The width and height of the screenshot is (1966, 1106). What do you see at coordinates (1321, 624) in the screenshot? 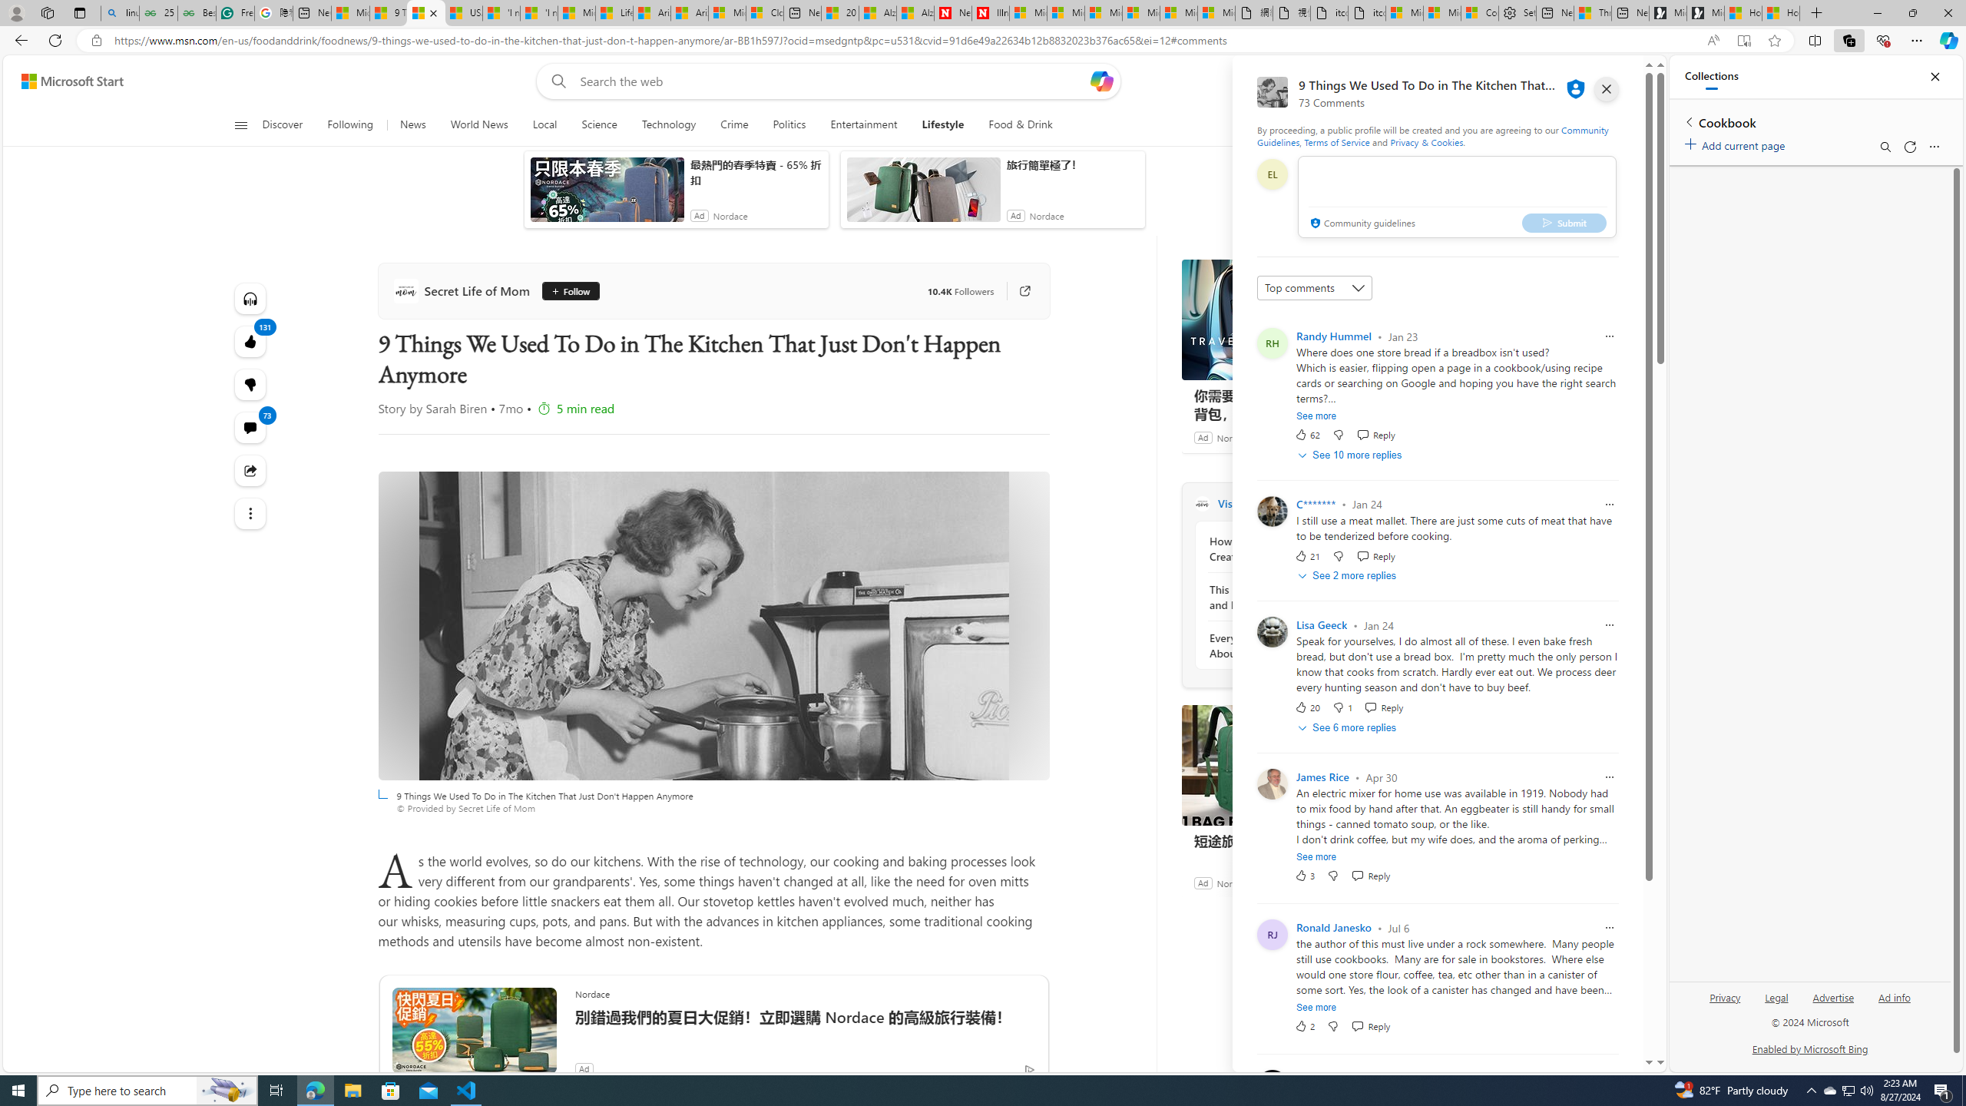
I see `'Lisa Geeck'` at bounding box center [1321, 624].